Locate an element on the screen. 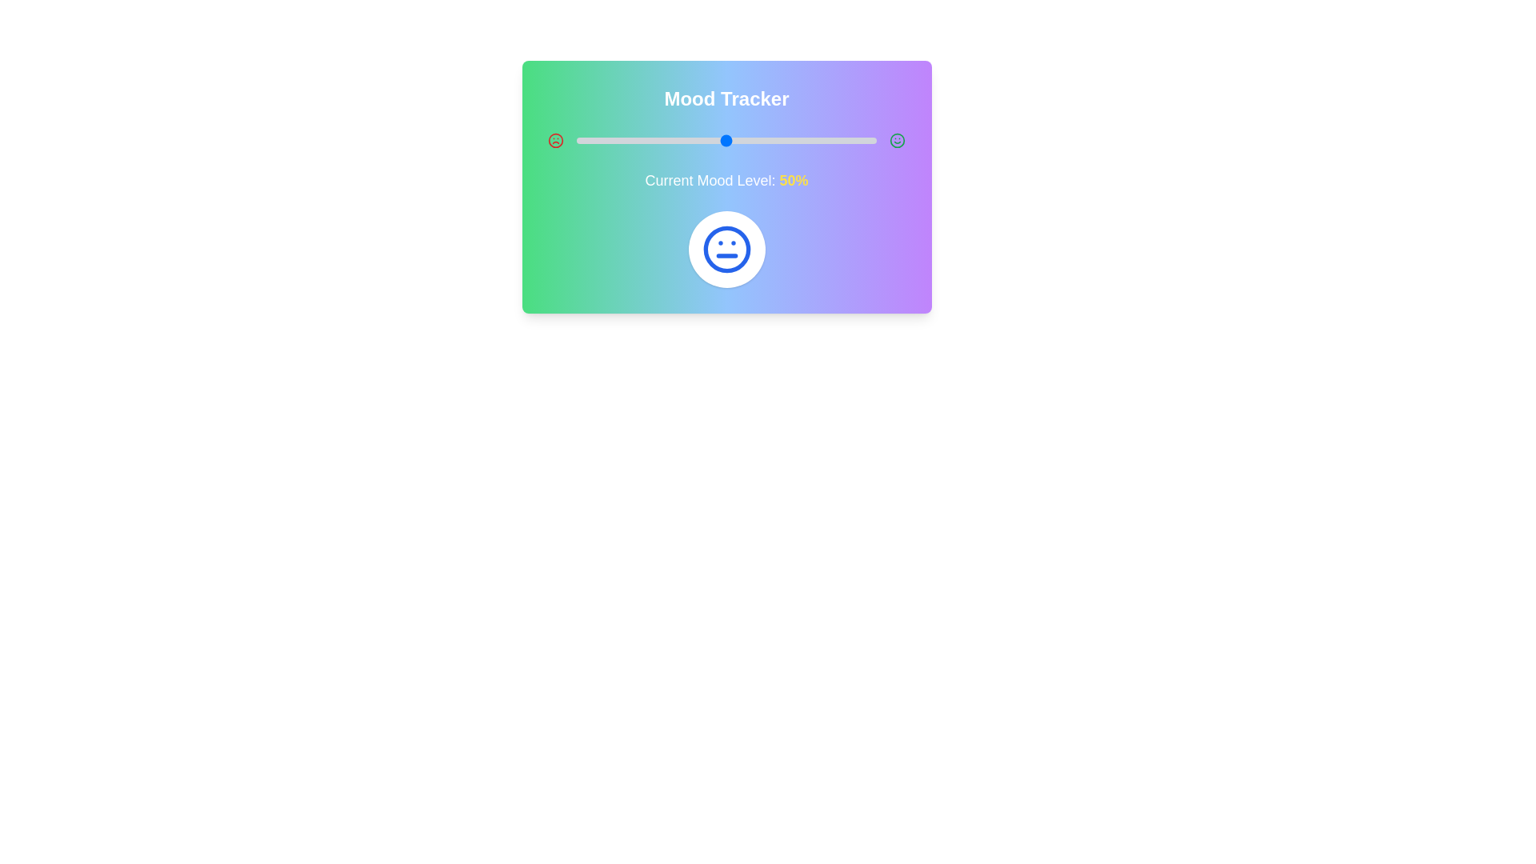  the mood level to 41% by interacting with the slider is located at coordinates (699, 140).